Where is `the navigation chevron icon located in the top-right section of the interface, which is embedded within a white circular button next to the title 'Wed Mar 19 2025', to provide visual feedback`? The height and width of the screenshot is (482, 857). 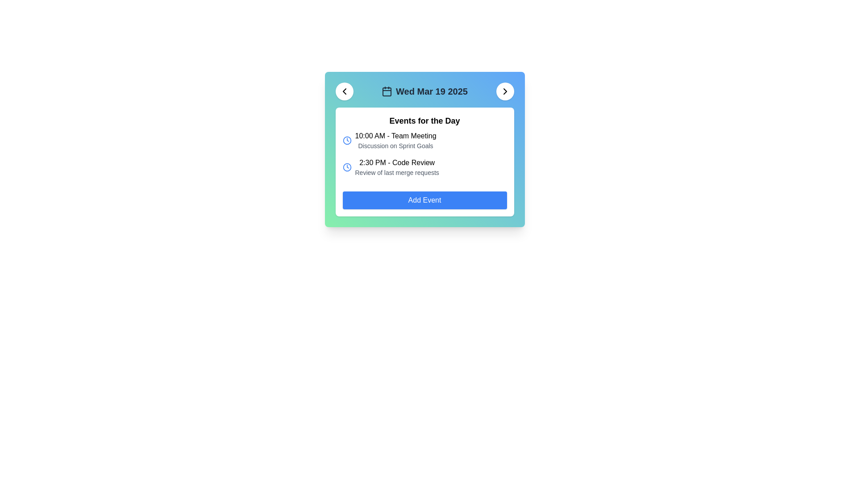
the navigation chevron icon located in the top-right section of the interface, which is embedded within a white circular button next to the title 'Wed Mar 19 2025', to provide visual feedback is located at coordinates (505, 91).